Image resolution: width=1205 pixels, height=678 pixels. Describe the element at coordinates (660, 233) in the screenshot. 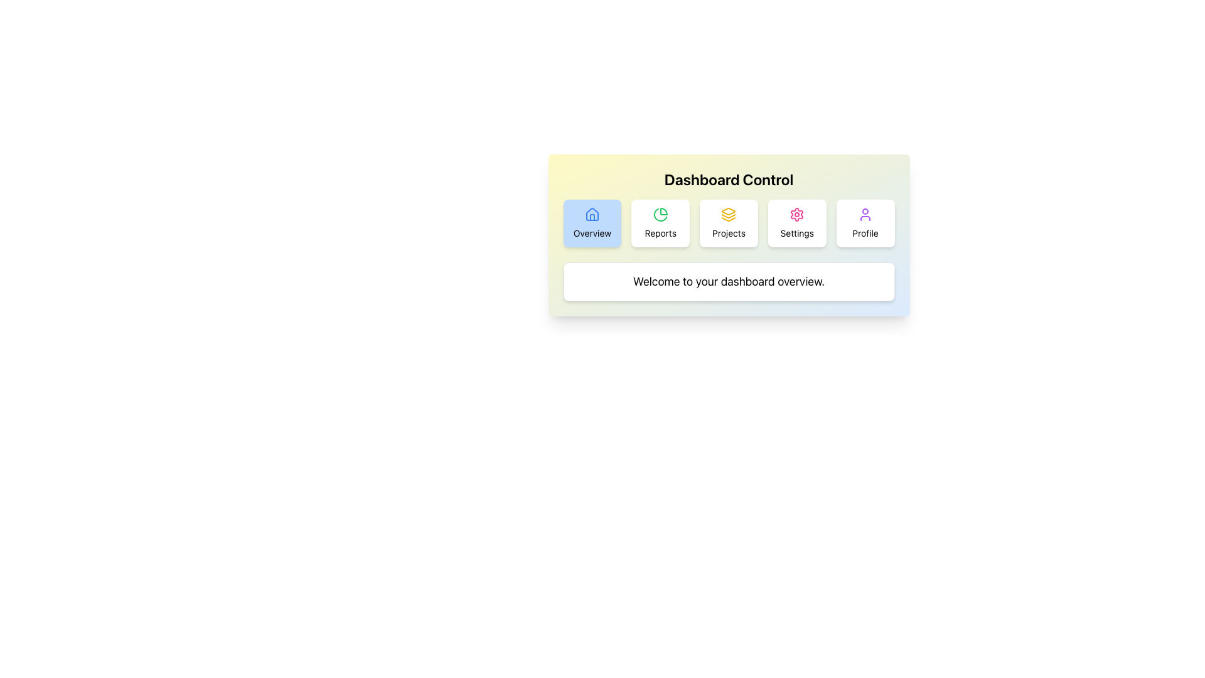

I see `the 'Reports' text label, which is displayed in a small-sized sans-serif font and is centrally aligned below a green pie chart icon` at that location.